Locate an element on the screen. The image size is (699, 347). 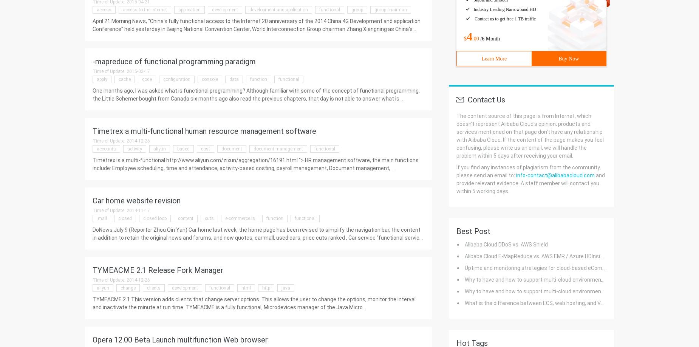
'TYMEACME 2.1 This version adds clients that change server options. This allows the user to change the options, monitor the interval and inactivate the minute at run time. TYMEACME is a fully functional, Microdevices manager of the Java Micro http://www.aliyun.com/zixun/aggregation/29806.html >edition (fork) development. It provides an easy to use minimum space-occupying queue ...' is located at coordinates (92, 311).